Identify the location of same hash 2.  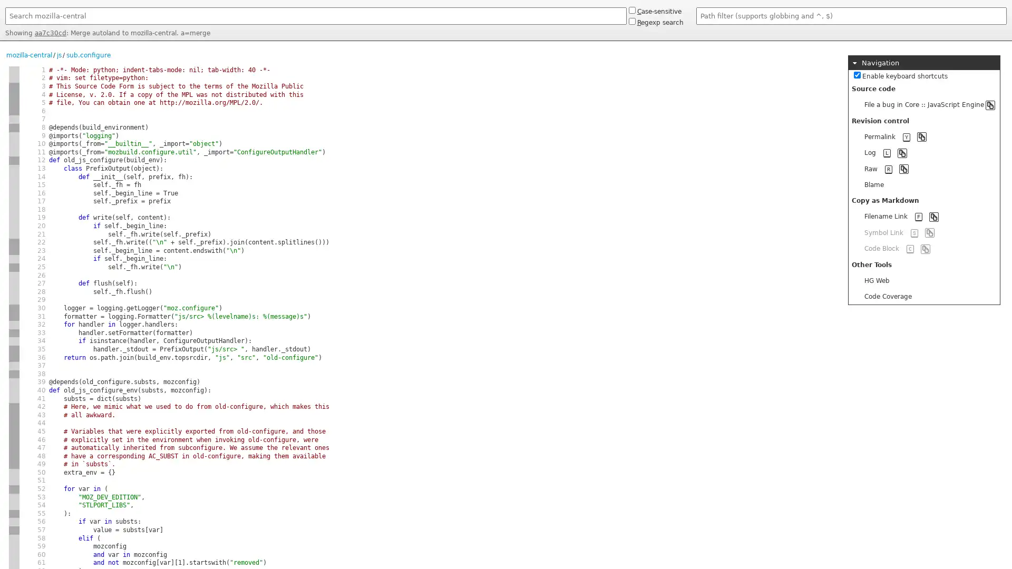
(14, 111).